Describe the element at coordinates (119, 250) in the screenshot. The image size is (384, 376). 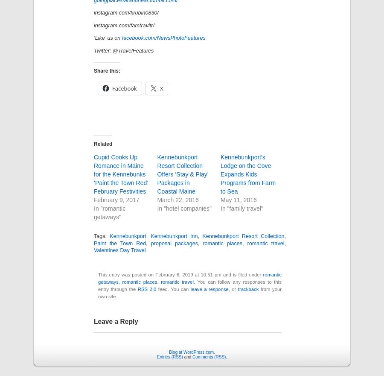
I see `'Valentines Day Travel'` at that location.